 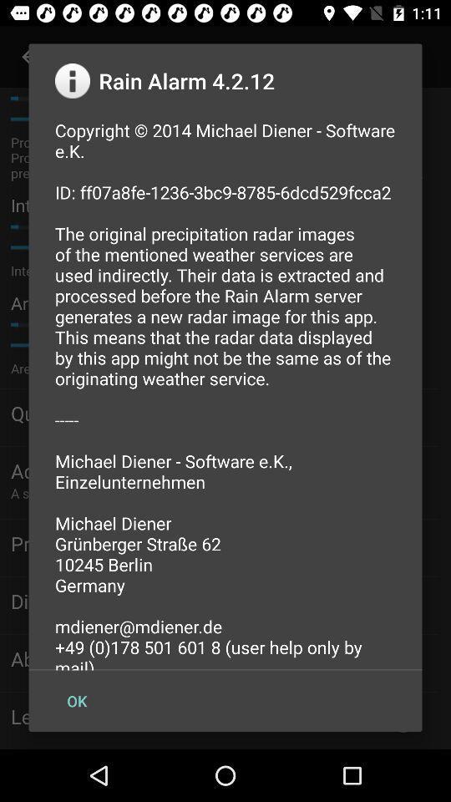 I want to click on item below the copyright 2014 michael icon, so click(x=76, y=701).